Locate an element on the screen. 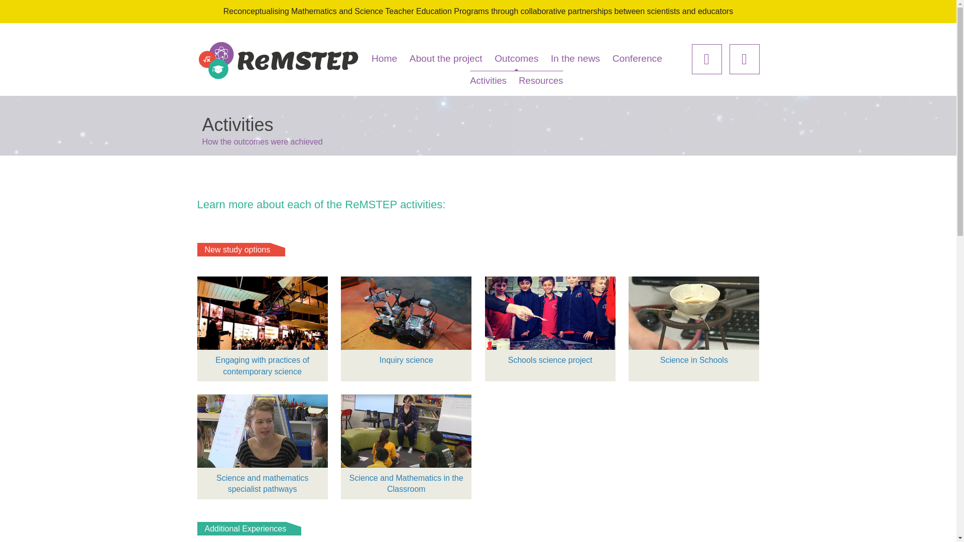  'Outcomes' is located at coordinates (516, 58).